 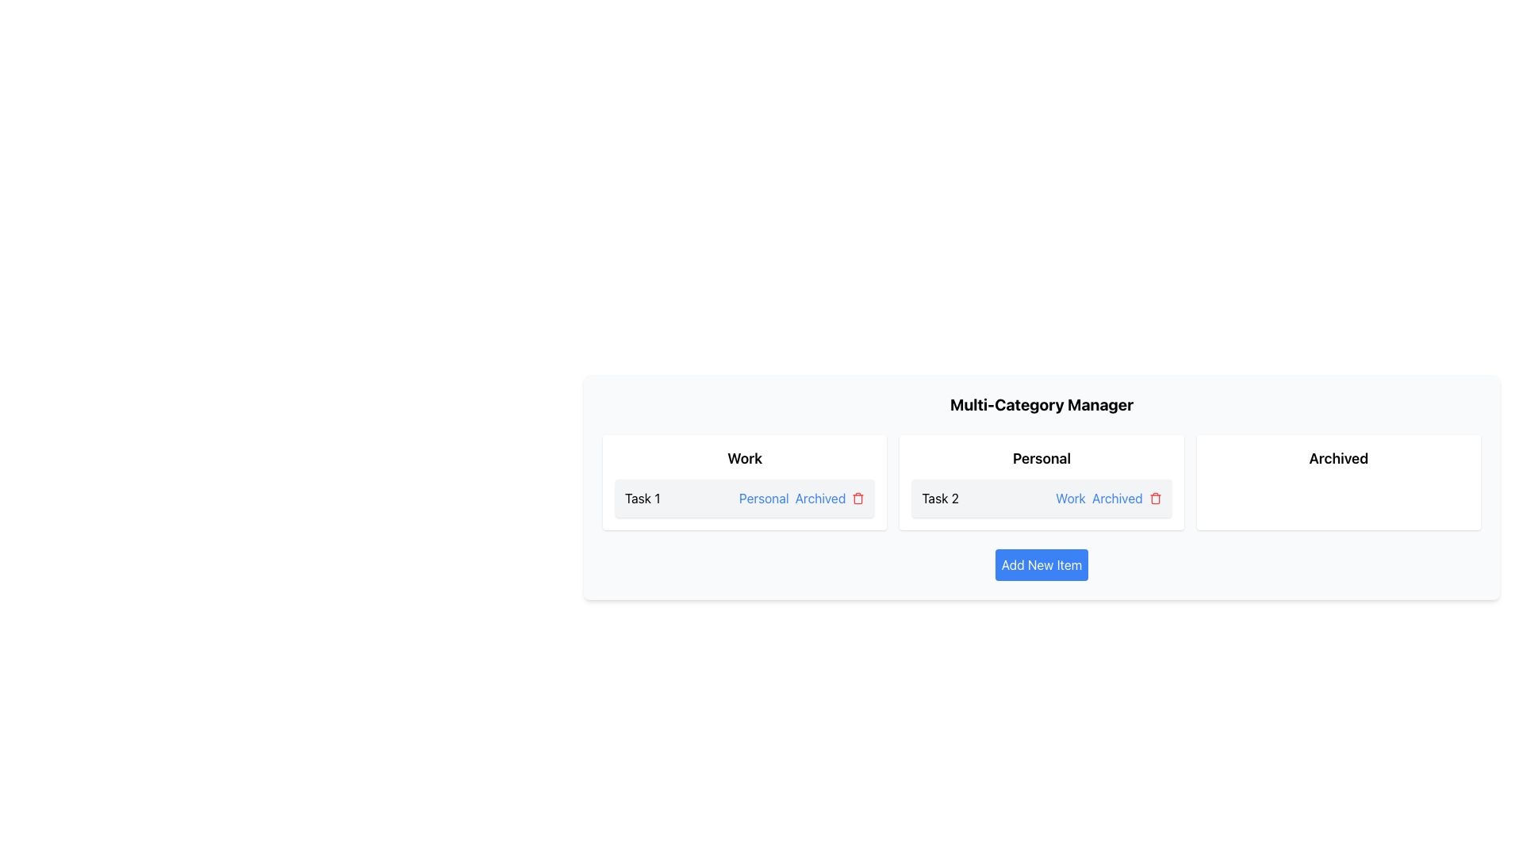 What do you see at coordinates (1337, 458) in the screenshot?
I see `the Text Label indicating archived items, which is centered in the rightmost section of the interface within a standalone white card` at bounding box center [1337, 458].